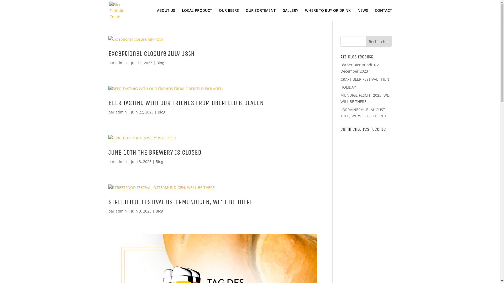 Image resolution: width=504 pixels, height=283 pixels. Describe the element at coordinates (348, 87) in the screenshot. I see `'HOLIDAY'` at that location.